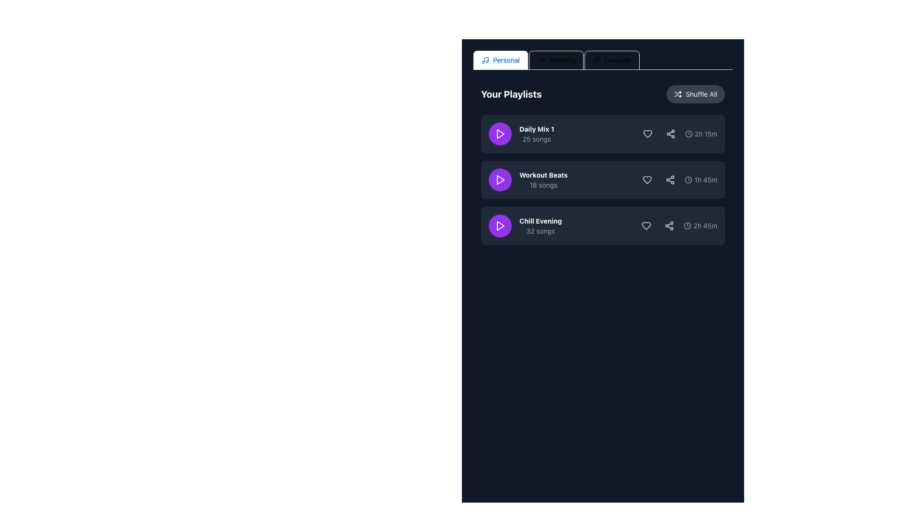  I want to click on the heart-shaped icon that signifies a favorite or like action, located next to the 'Workout Beats' playlist, so click(647, 180).